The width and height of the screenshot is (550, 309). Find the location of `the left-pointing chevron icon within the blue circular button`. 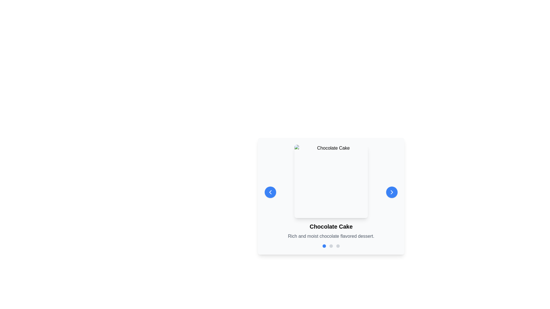

the left-pointing chevron icon within the blue circular button is located at coordinates (270, 192).